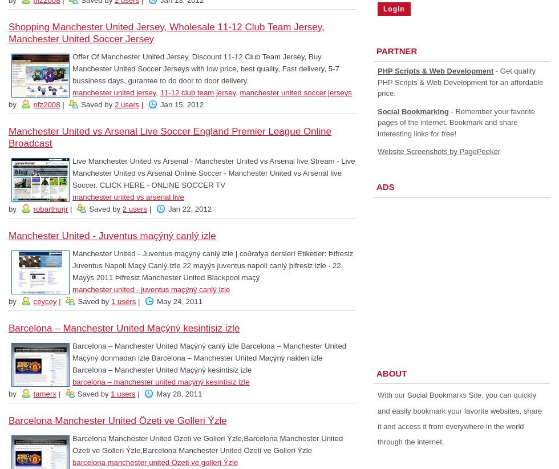 The width and height of the screenshot is (559, 469). Describe the element at coordinates (377, 418) in the screenshot. I see `'With our Social Bookmarks Site, you can quickly and easily bookmark your favorite websites, share it and access it from everywhere in the world through the internet.'` at that location.